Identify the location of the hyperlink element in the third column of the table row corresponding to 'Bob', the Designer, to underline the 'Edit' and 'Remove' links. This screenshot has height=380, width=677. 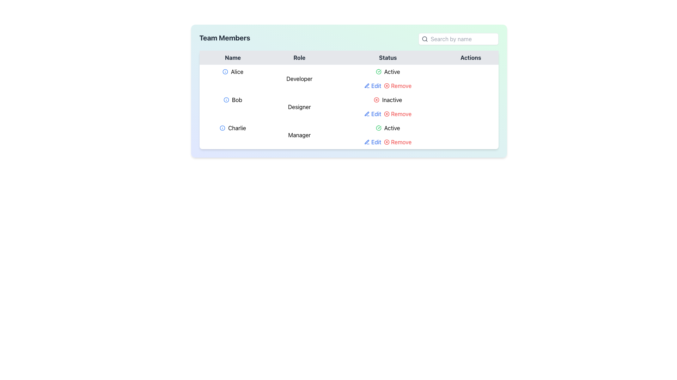
(388, 114).